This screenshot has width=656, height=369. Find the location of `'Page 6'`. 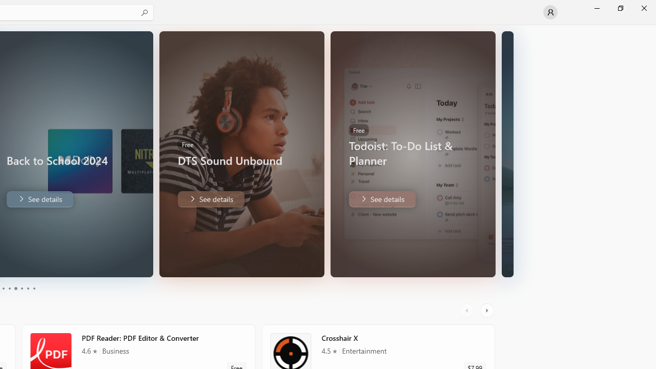

'Page 6' is located at coordinates (33, 289).